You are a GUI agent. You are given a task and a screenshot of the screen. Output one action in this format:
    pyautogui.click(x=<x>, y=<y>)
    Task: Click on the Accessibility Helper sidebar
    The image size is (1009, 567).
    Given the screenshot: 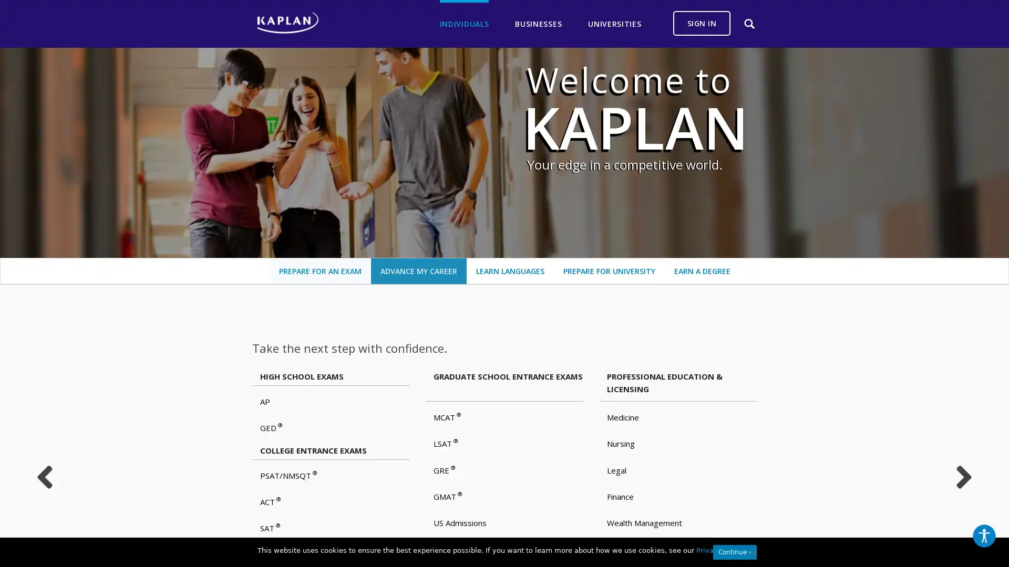 What is the action you would take?
    pyautogui.click(x=983, y=536)
    